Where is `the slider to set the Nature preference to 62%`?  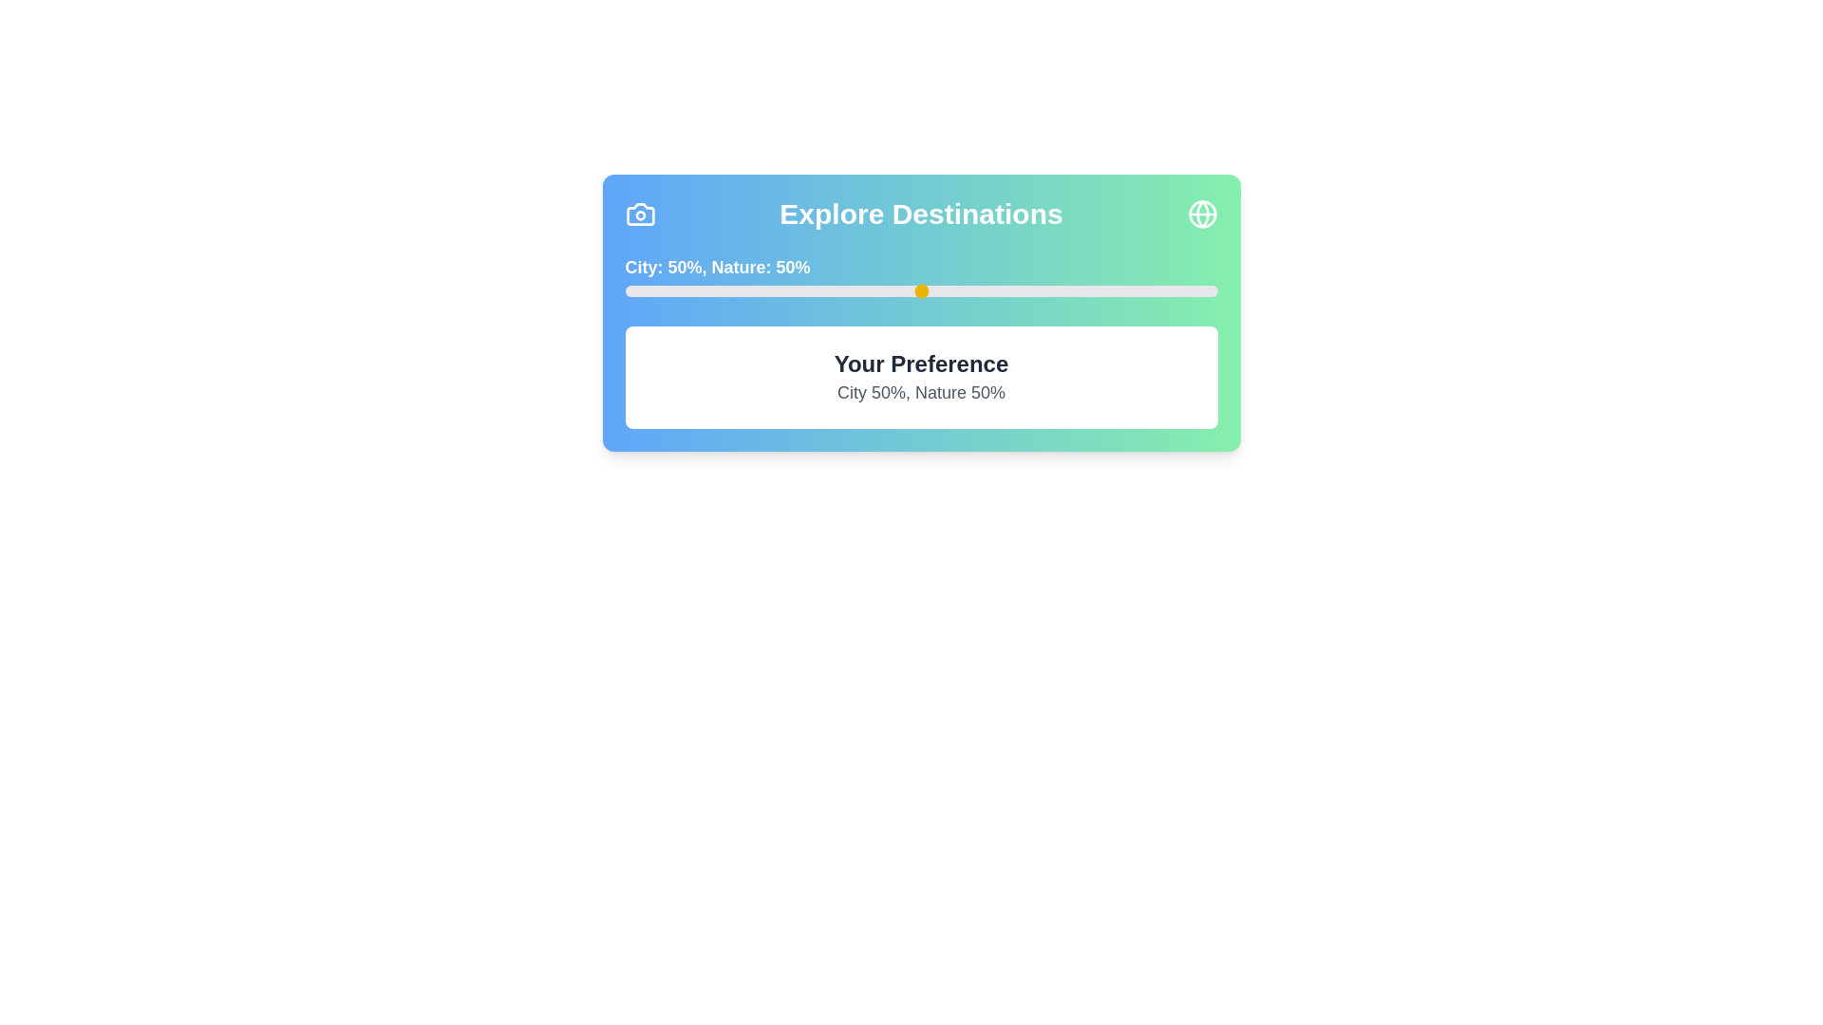
the slider to set the Nature preference to 62% is located at coordinates (991, 291).